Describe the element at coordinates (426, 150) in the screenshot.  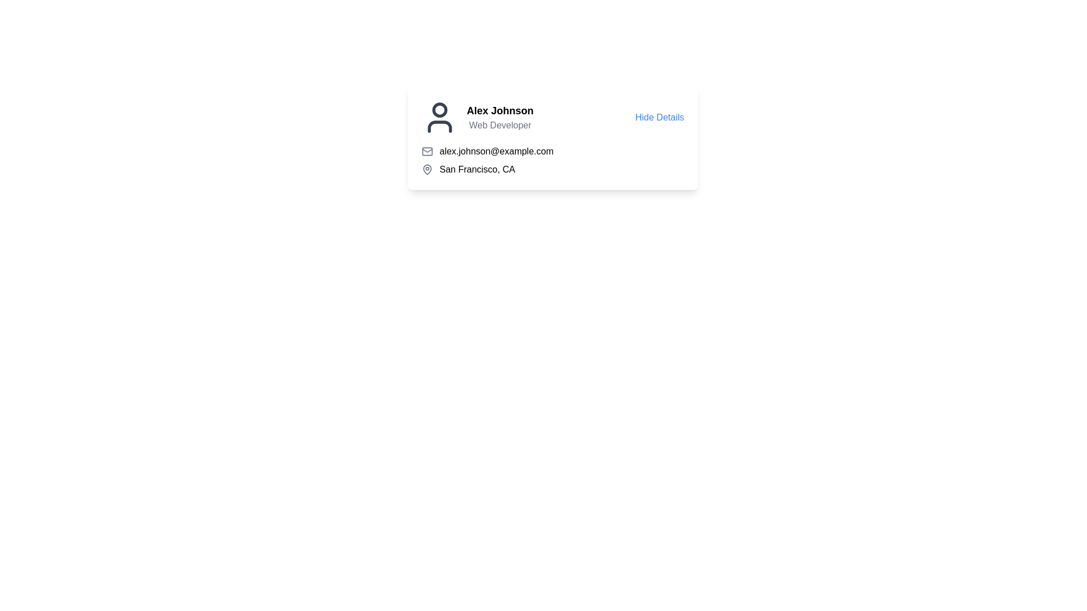
I see `the envelope body of the mail icon, which is located on the left side of the email address 'alex.johnson@example.com' within a card layout` at that location.